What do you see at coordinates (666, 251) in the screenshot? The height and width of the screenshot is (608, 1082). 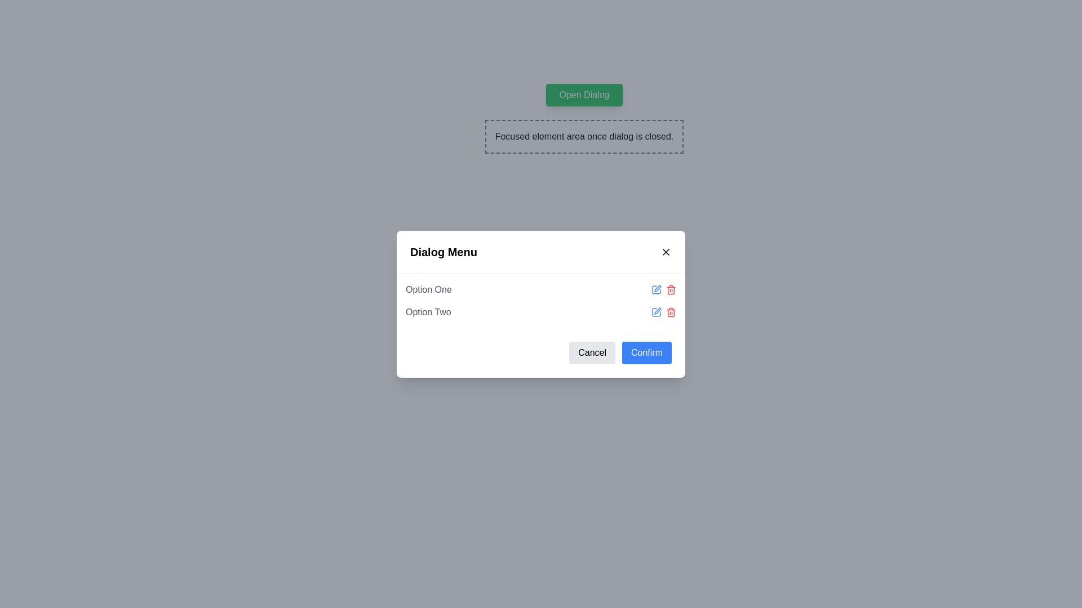 I see `the 'X' close button located in the top-right corner of the 'Dialog Menu'` at bounding box center [666, 251].